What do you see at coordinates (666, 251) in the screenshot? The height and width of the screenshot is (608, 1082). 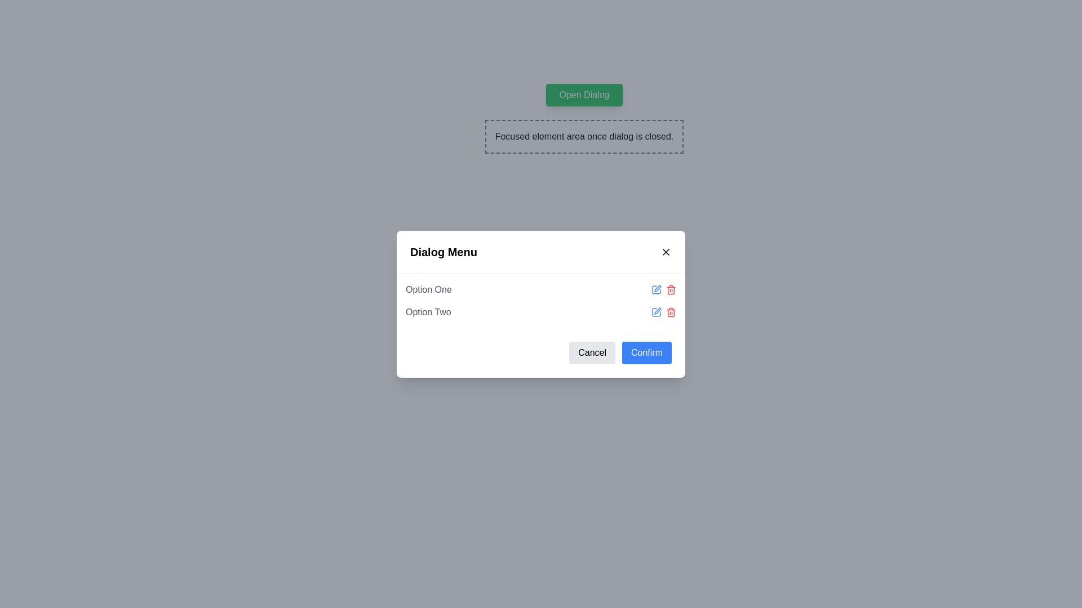 I see `the 'X' close button located in the top-right corner of the 'Dialog Menu'` at bounding box center [666, 251].